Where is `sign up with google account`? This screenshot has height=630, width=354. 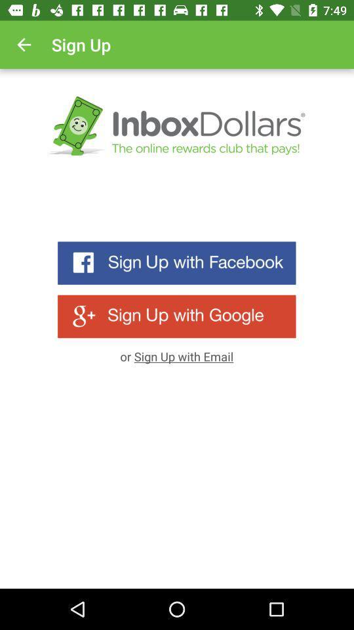
sign up with google account is located at coordinates (176, 316).